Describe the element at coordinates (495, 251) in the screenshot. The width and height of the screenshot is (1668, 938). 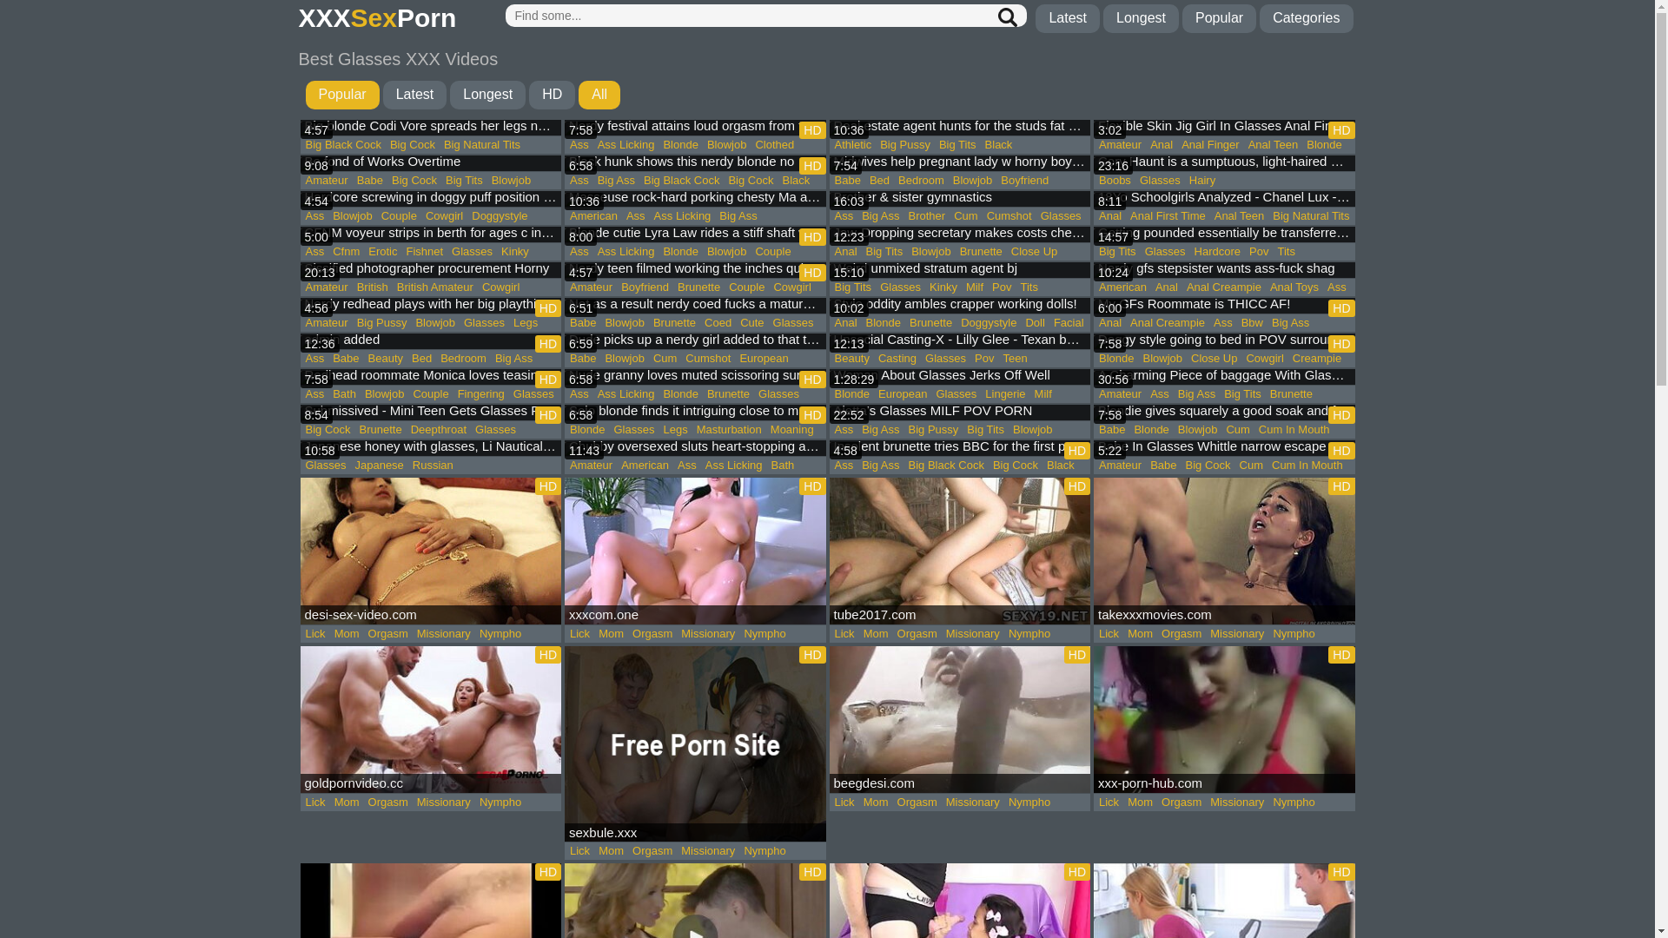
I see `'Kinky'` at that location.